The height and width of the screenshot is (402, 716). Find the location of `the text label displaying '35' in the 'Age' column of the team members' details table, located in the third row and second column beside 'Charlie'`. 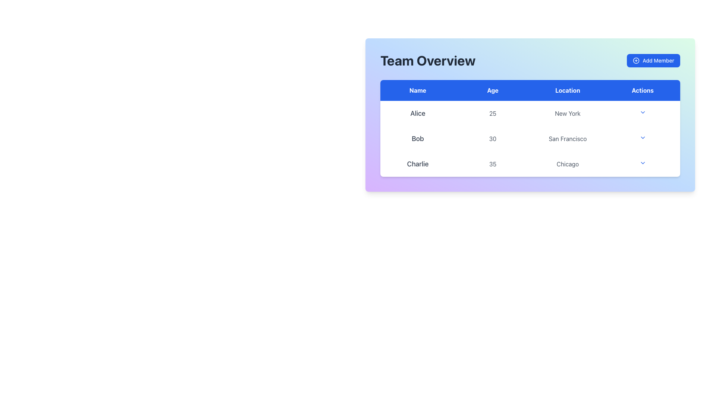

the text label displaying '35' in the 'Age' column of the team members' details table, located in the third row and second column beside 'Charlie' is located at coordinates (493, 163).